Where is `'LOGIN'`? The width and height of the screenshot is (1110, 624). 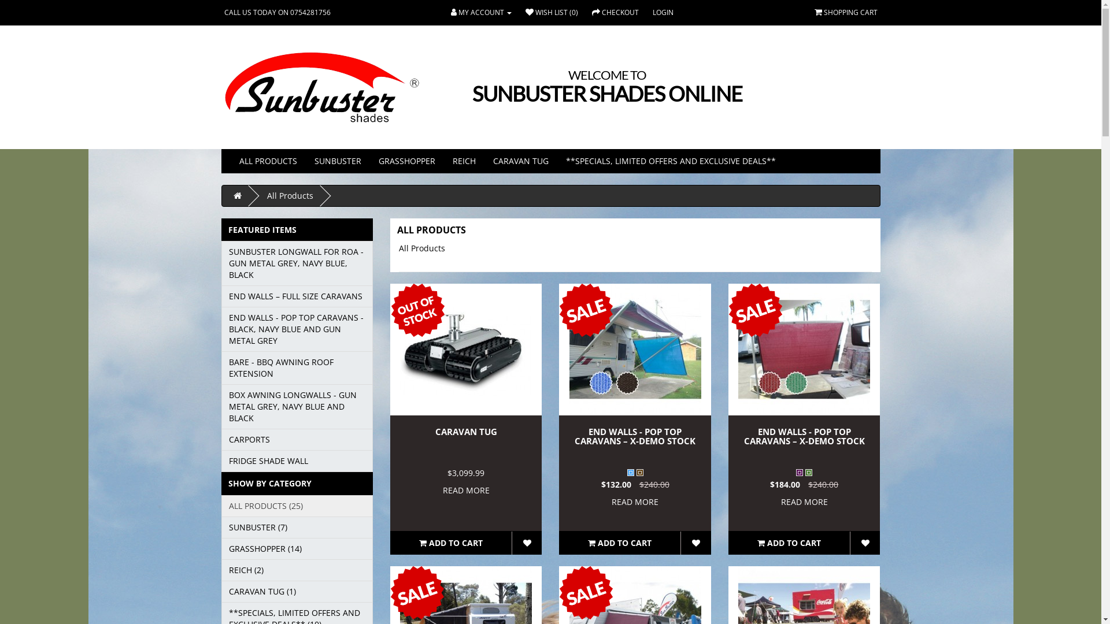 'LOGIN' is located at coordinates (663, 12).